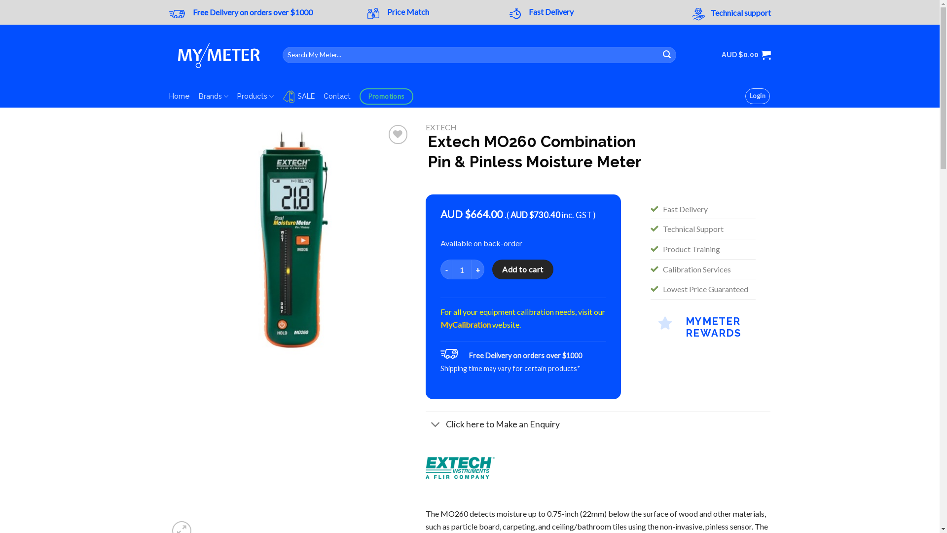 The width and height of the screenshot is (947, 533). What do you see at coordinates (0, 0) in the screenshot?
I see `'Skip to content'` at bounding box center [0, 0].